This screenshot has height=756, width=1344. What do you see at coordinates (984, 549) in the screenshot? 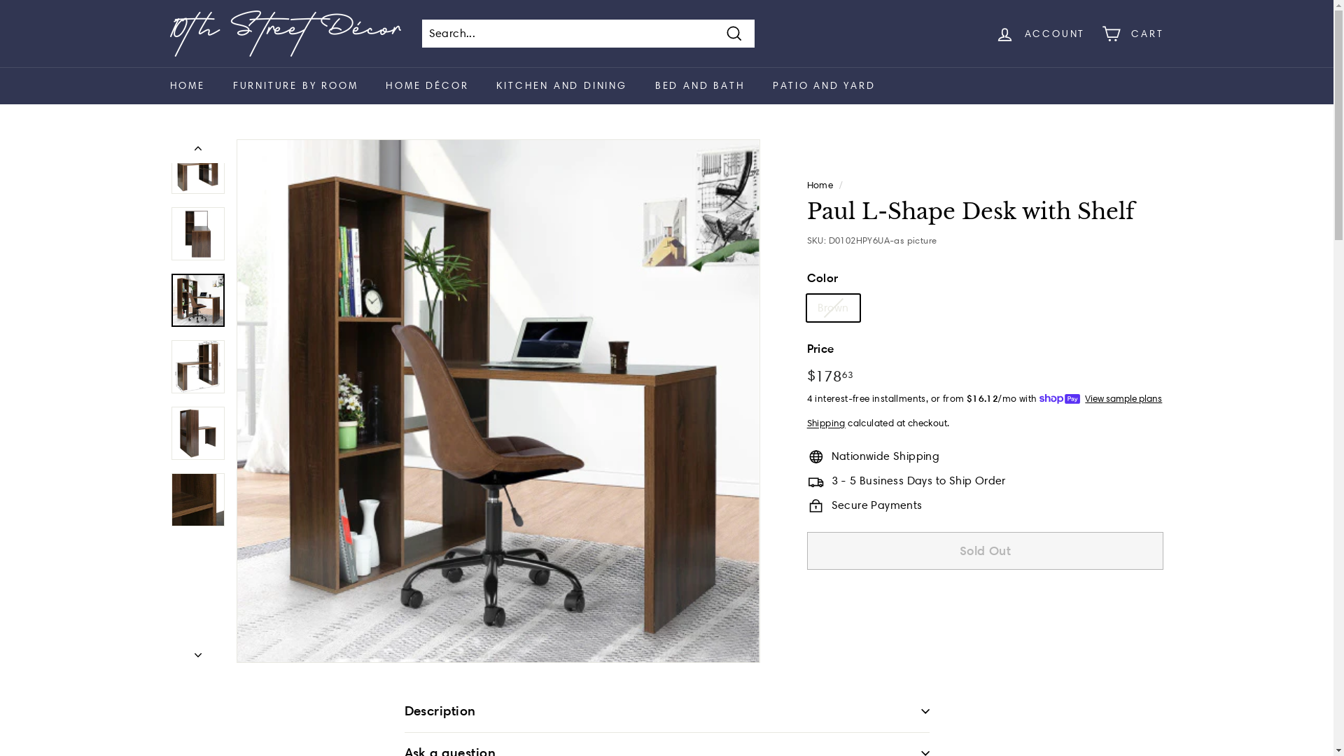
I see `'Sold Out'` at bounding box center [984, 549].